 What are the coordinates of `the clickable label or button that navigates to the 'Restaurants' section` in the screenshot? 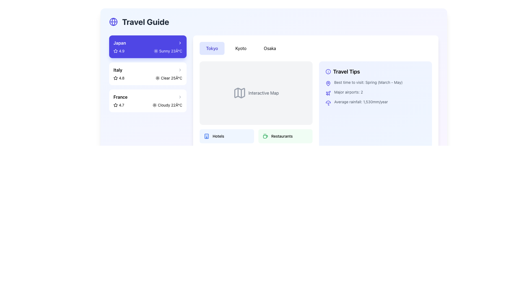 It's located at (282, 136).